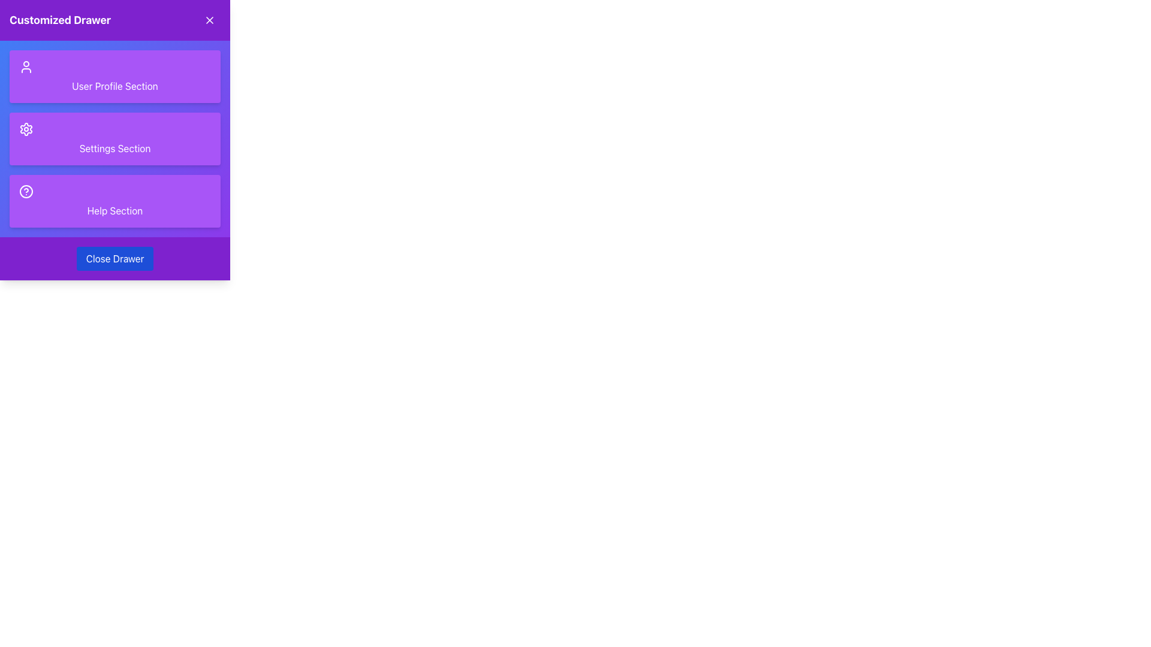  I want to click on text label displaying 'Help Section' located at the center of the purple button in the vertical list of sections, so click(115, 210).